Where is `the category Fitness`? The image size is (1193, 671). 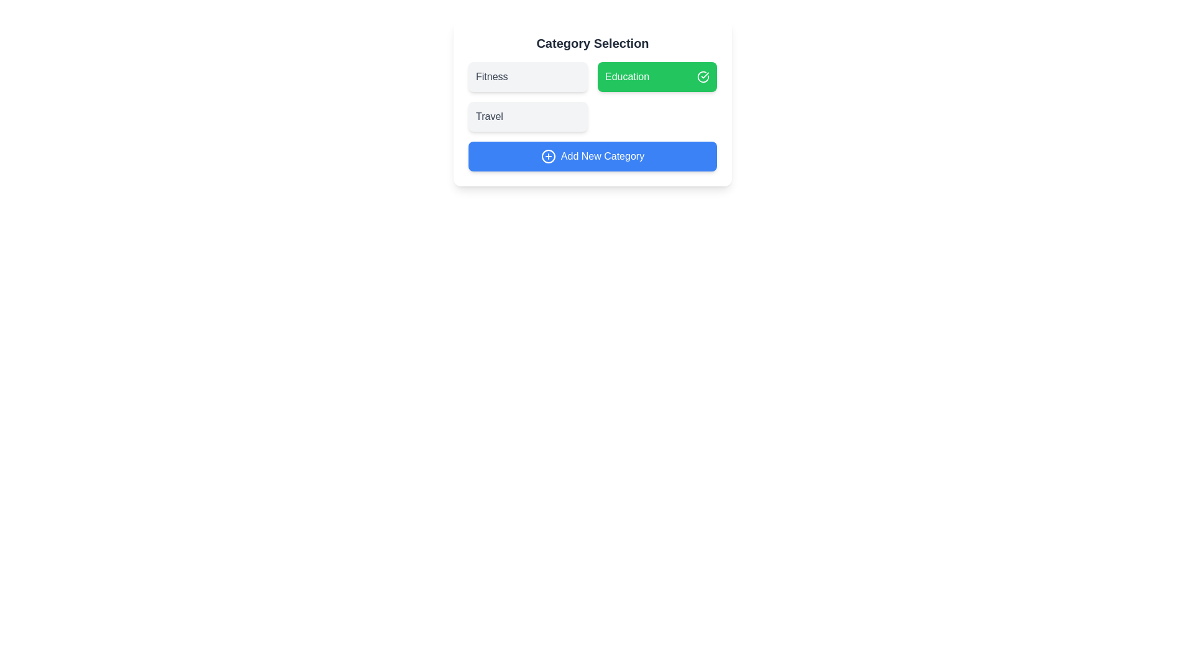
the category Fitness is located at coordinates (528, 76).